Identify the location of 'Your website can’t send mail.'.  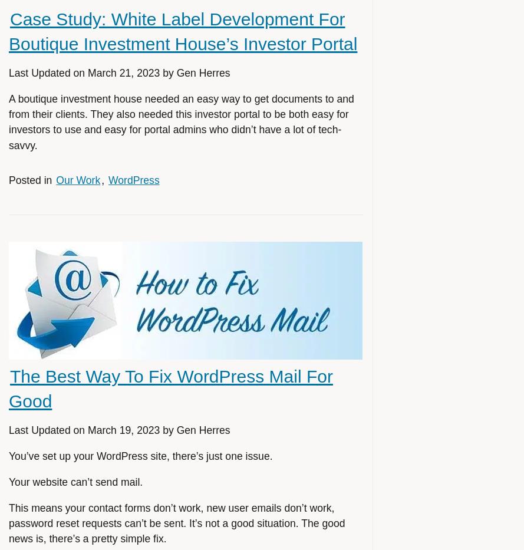
(75, 482).